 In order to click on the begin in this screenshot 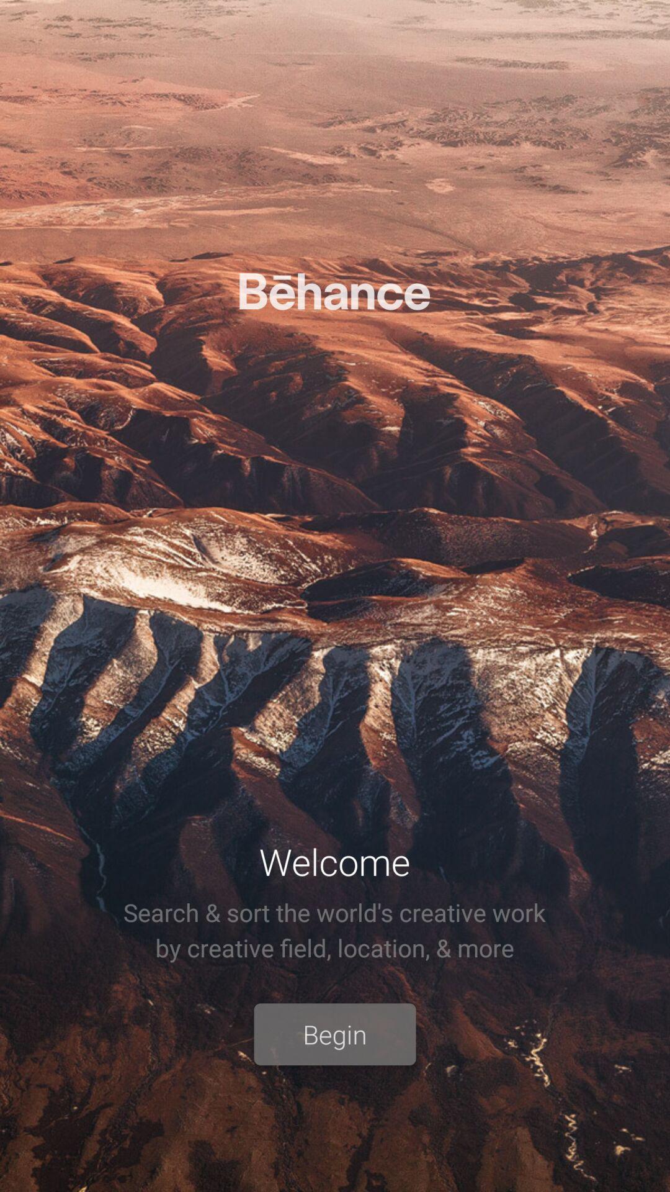, I will do `click(335, 1034)`.